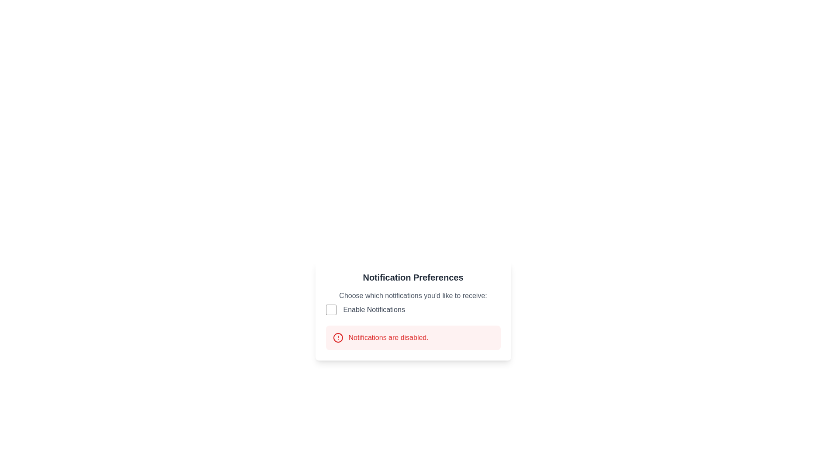  What do you see at coordinates (337, 337) in the screenshot?
I see `the red circular shape within the SVG notification alert icon, which is situated to the left of the 'Notifications are disabled.' text label in the notification settings card` at bounding box center [337, 337].